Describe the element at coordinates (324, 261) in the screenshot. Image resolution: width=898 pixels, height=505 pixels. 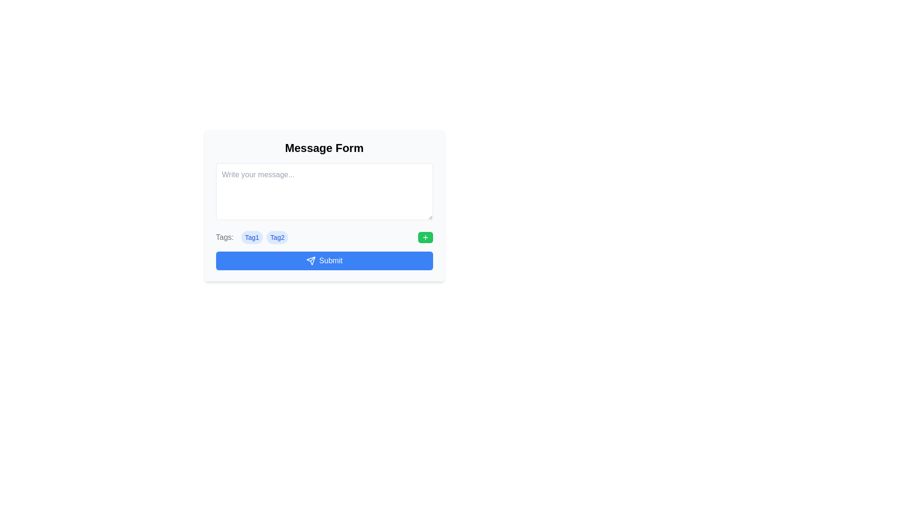
I see `the submit button located directly below the 'Tags:' section to change its background color` at that location.